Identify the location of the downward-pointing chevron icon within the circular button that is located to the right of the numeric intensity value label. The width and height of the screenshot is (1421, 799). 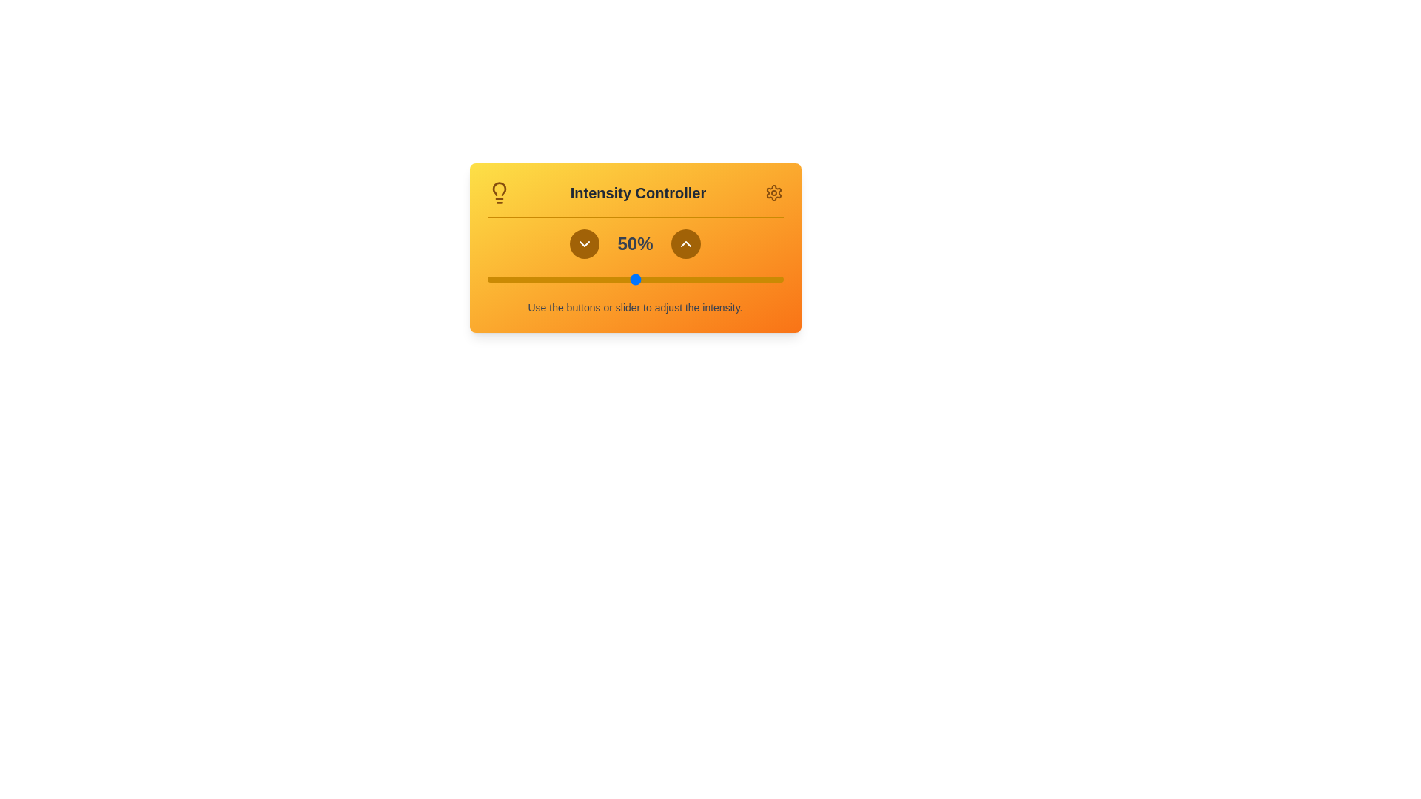
(584, 243).